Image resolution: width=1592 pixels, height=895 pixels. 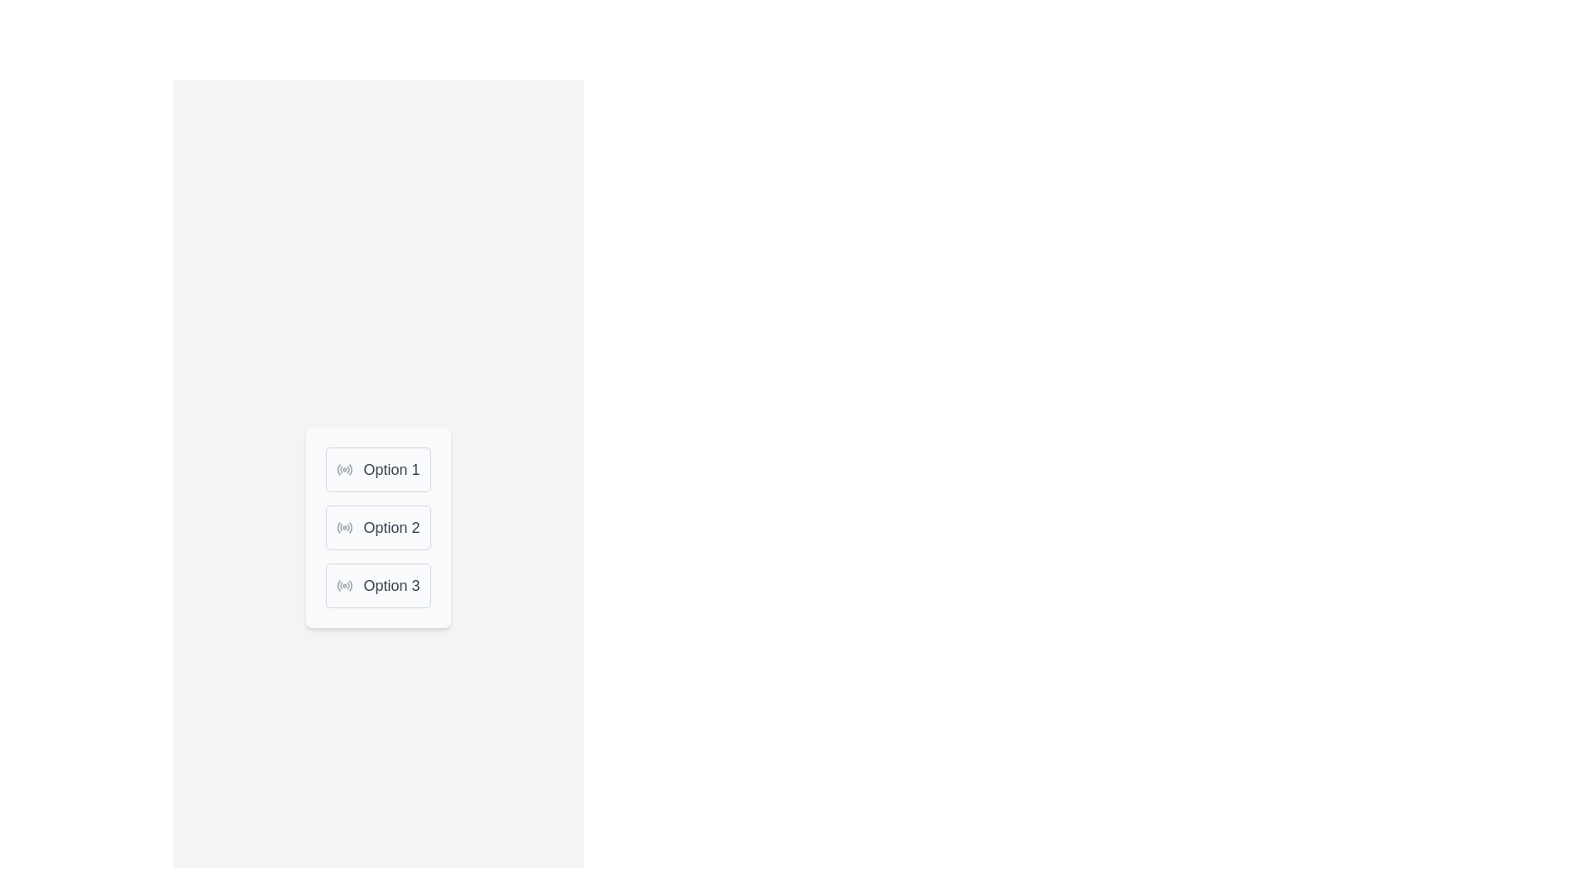 I want to click on the 'Option 2' radio button, so click(x=377, y=527).